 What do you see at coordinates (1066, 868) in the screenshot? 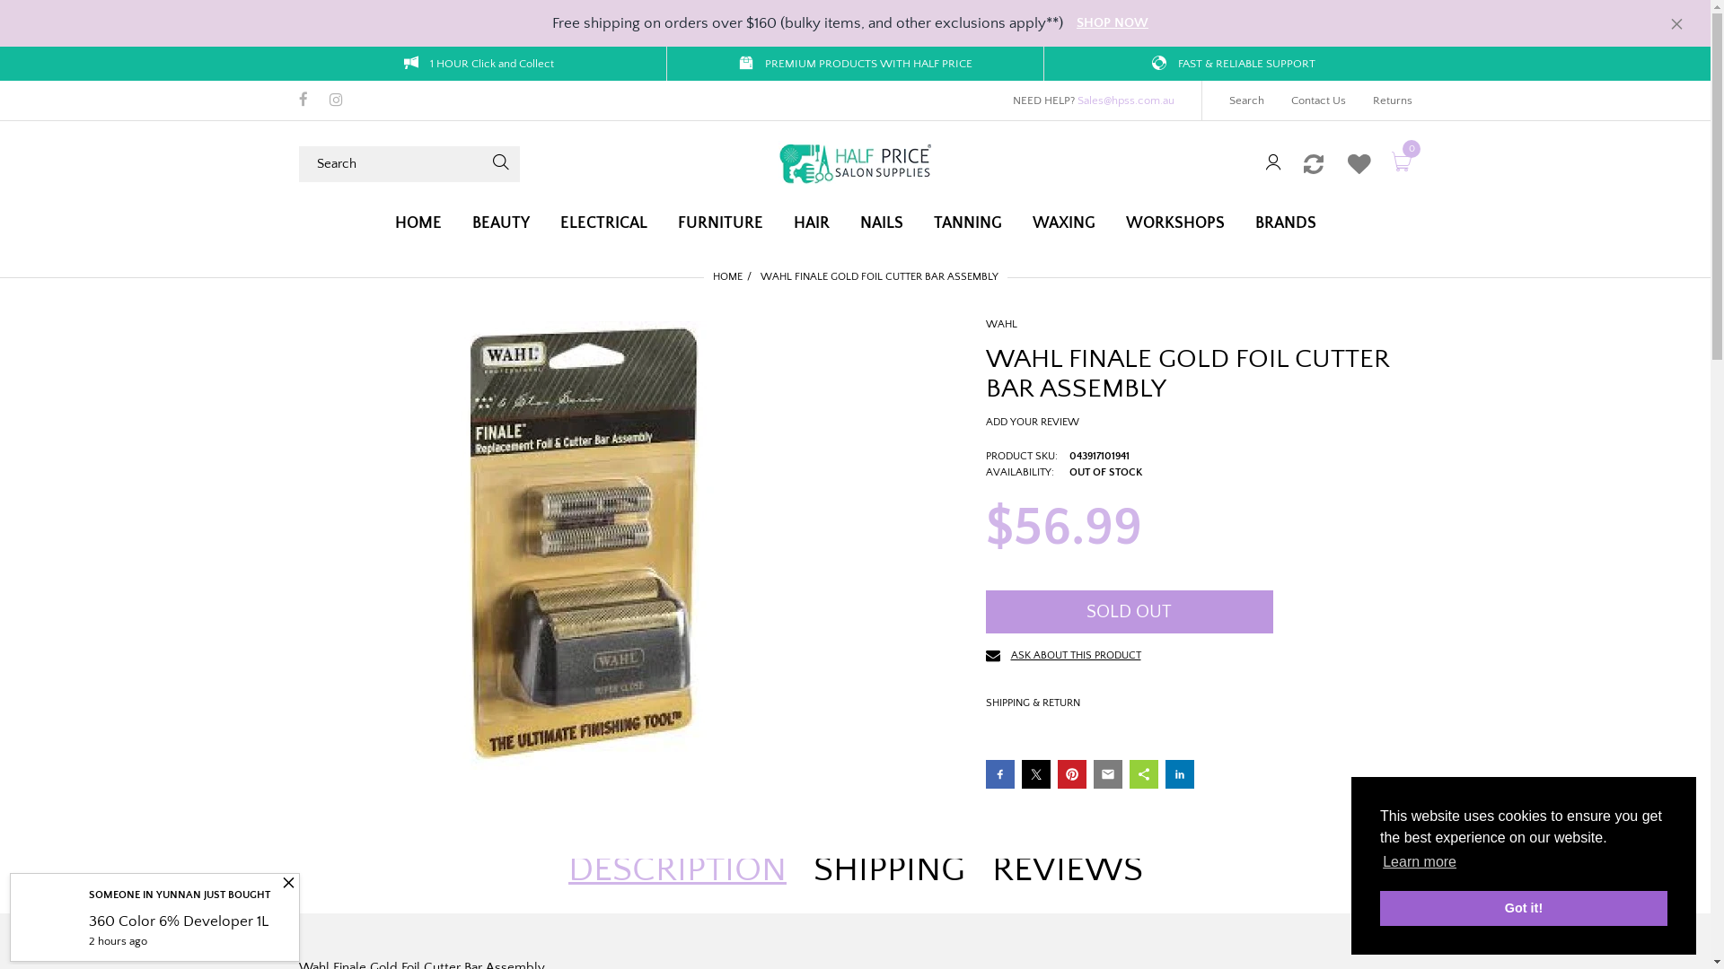
I see `'REVIEWS'` at bounding box center [1066, 868].